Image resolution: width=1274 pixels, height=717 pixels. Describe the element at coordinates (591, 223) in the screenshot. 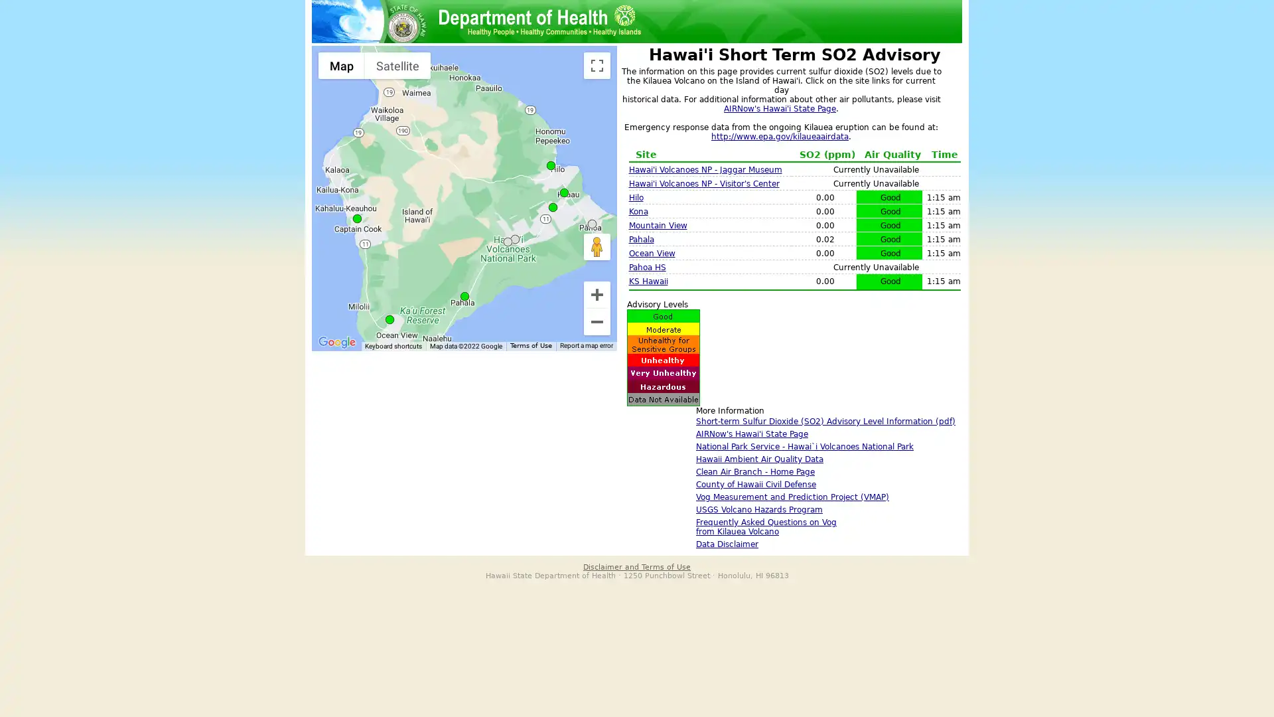

I see `PAHOA HS: No Data` at that location.